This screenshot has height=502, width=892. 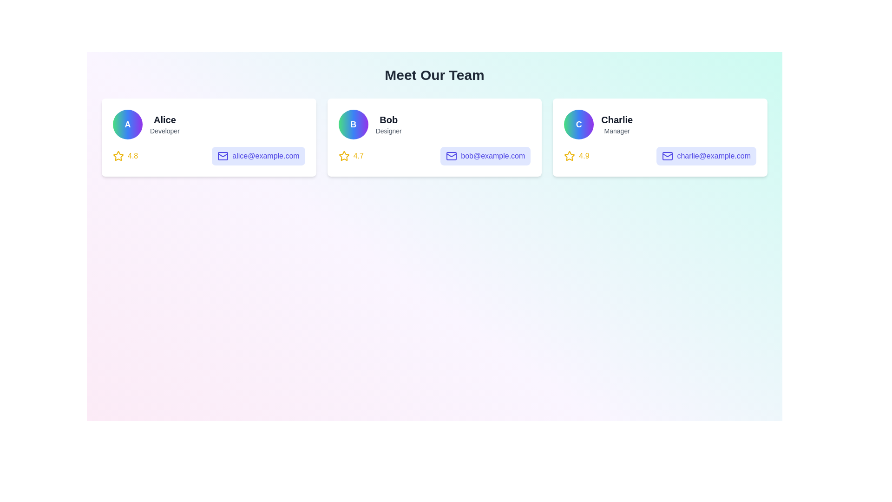 I want to click on the rating display module for Bob, located in the bottom-left corner of his profile card, beneath the circular avatar and to the left of the email icon, so click(x=350, y=155).